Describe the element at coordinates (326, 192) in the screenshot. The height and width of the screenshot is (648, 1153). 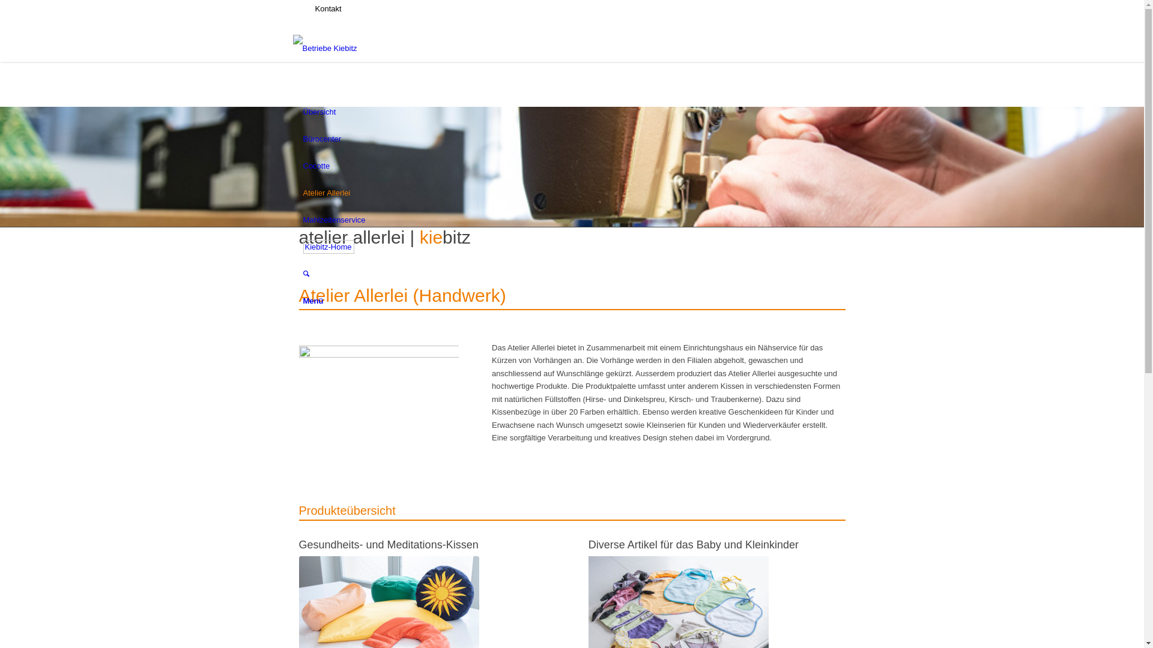
I see `'Atelier Allerlei'` at that location.